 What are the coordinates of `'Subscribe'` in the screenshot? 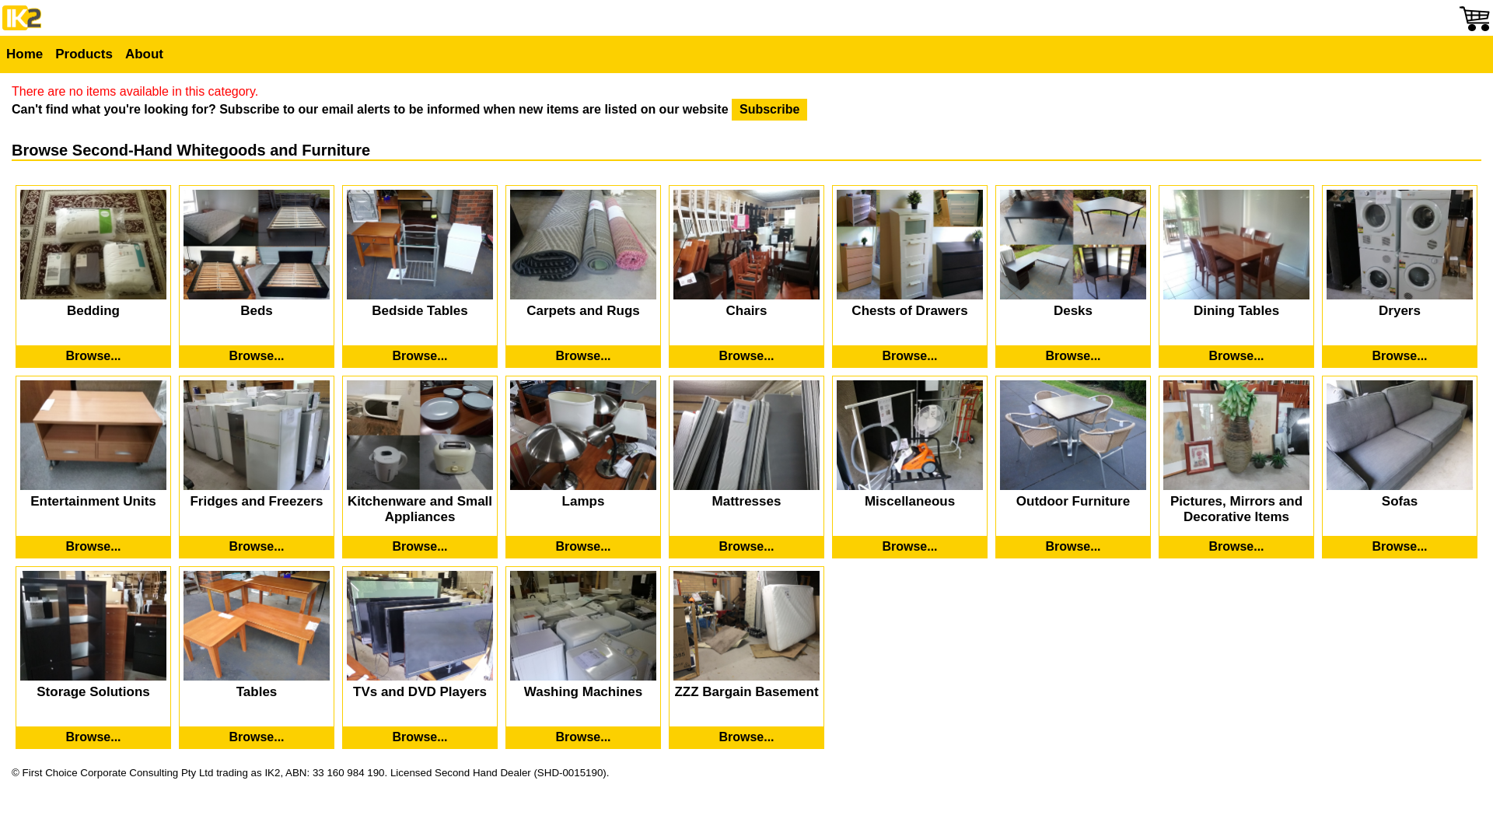 It's located at (769, 109).